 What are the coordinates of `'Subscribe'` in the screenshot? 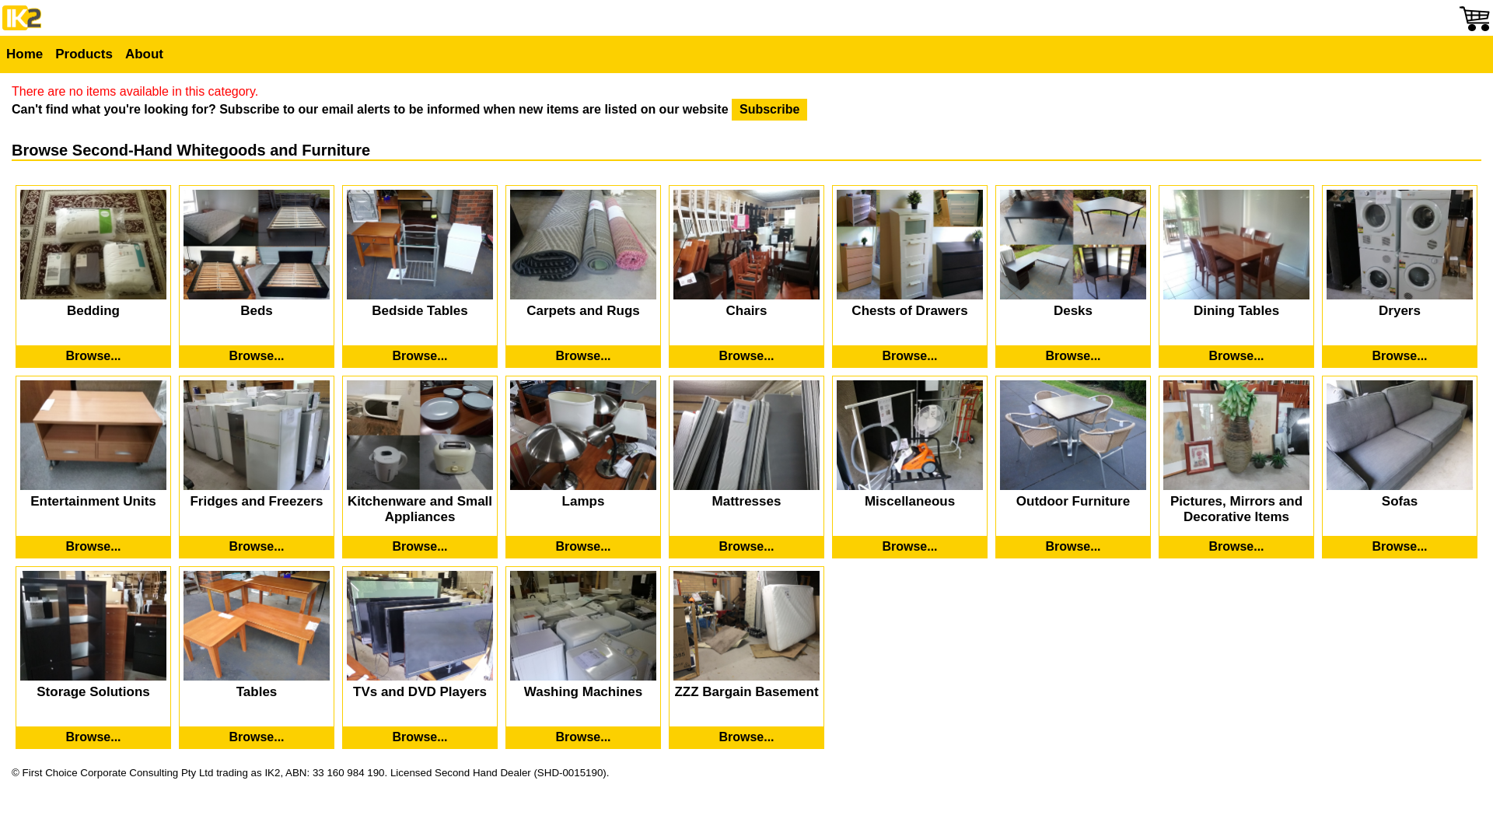 It's located at (769, 109).